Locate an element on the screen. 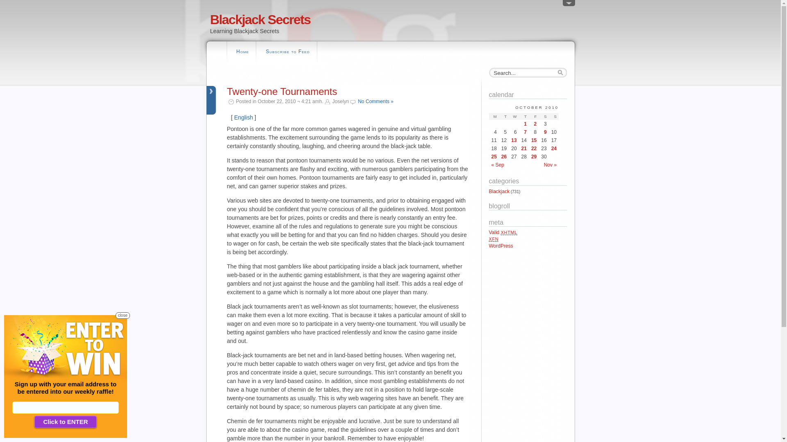  '13' is located at coordinates (513, 140).